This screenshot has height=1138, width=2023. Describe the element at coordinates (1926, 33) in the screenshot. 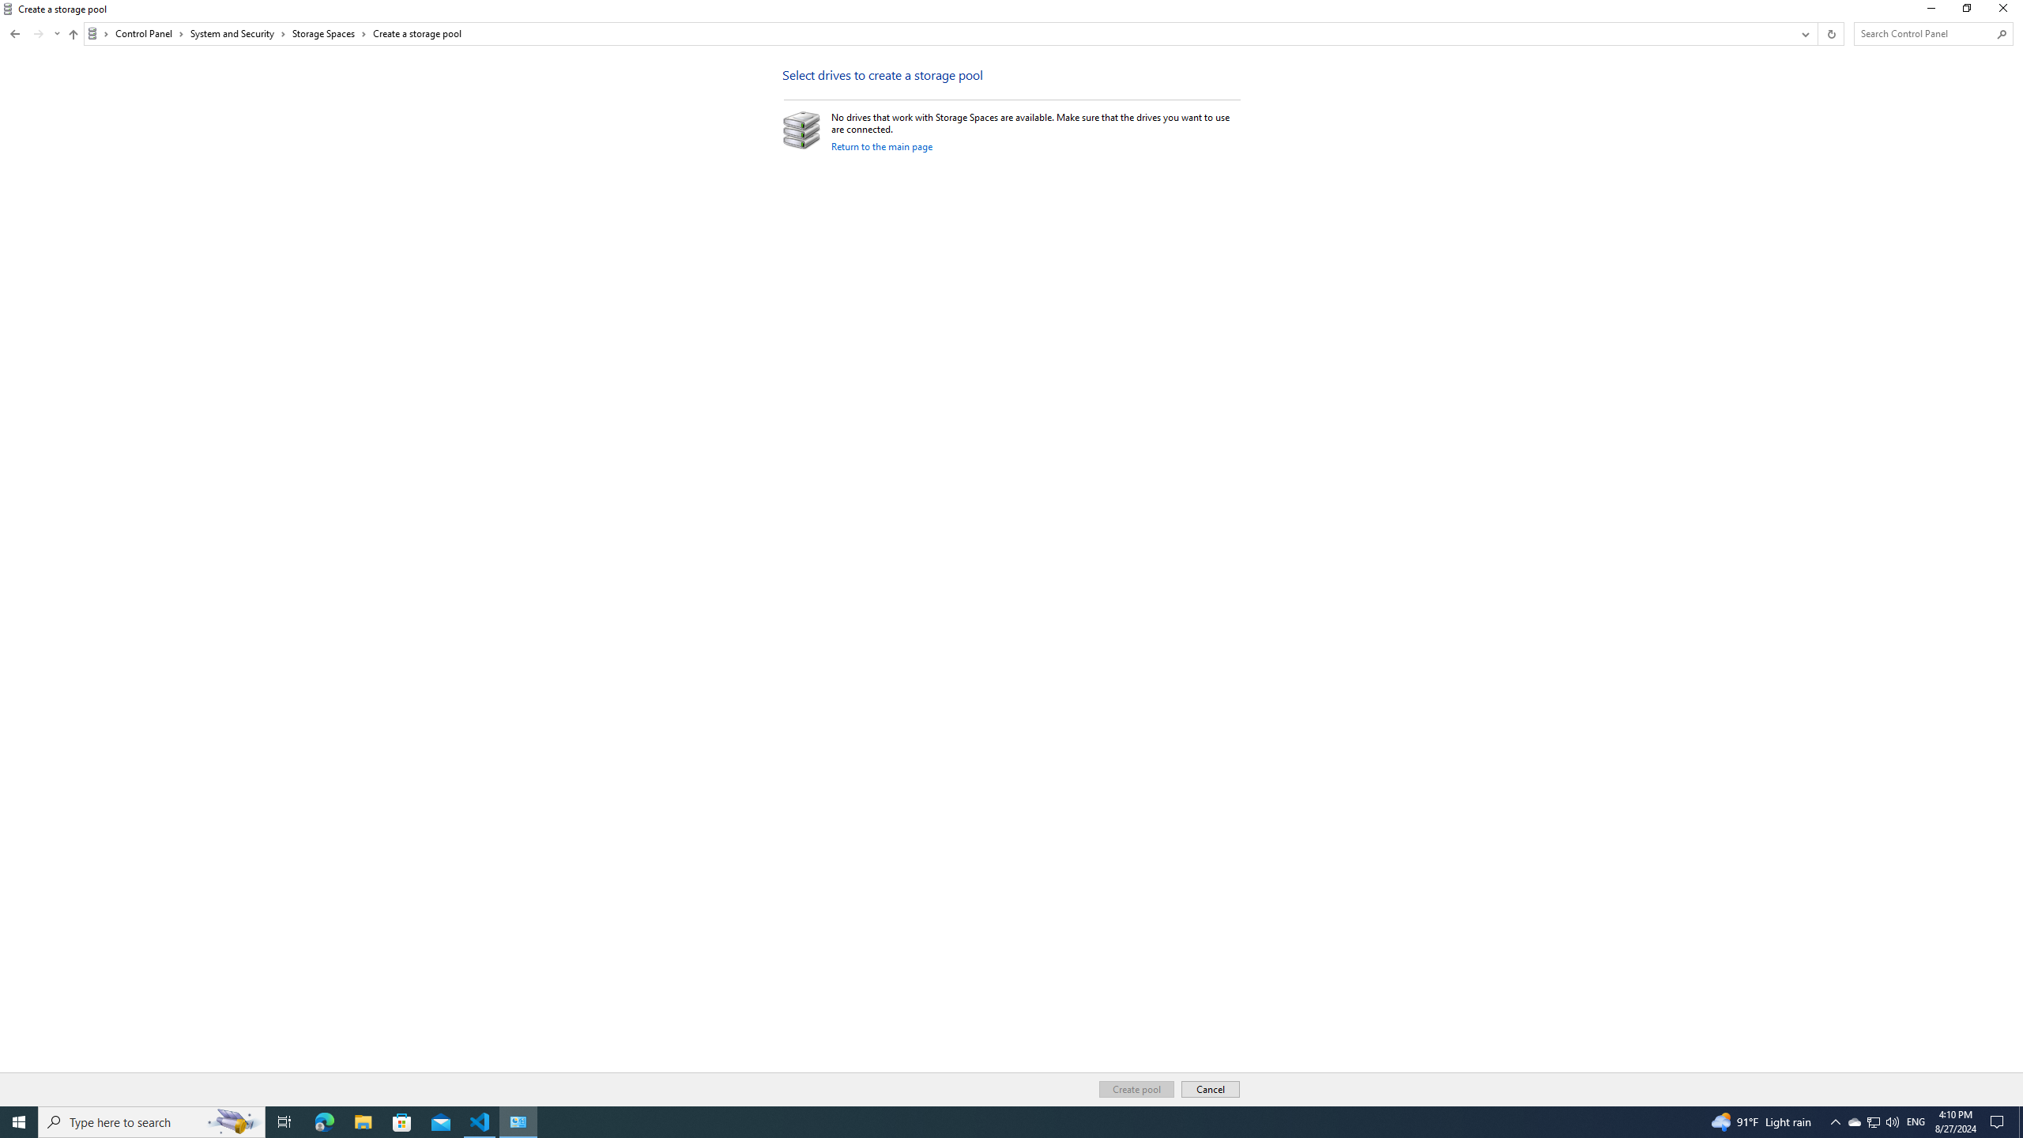

I see `'Search Box'` at that location.